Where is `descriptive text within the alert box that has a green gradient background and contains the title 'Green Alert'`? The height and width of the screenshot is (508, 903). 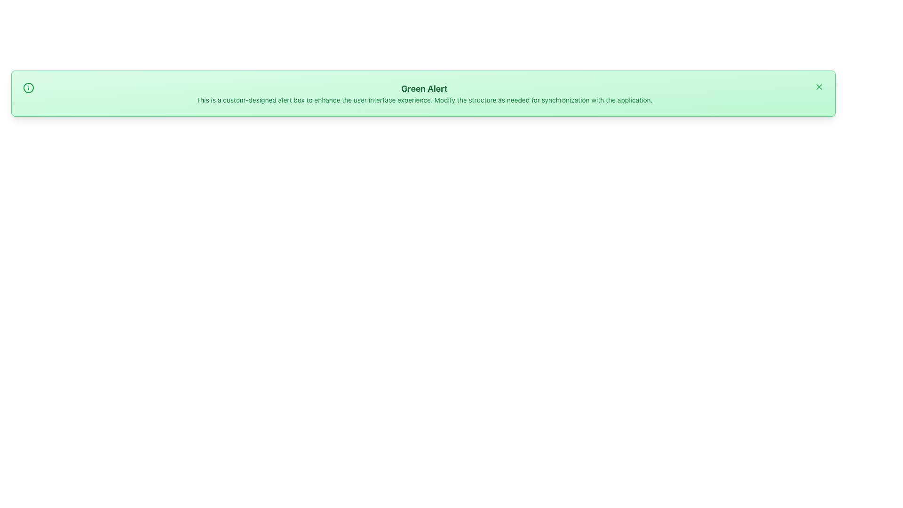
descriptive text within the alert box that has a green gradient background and contains the title 'Green Alert' is located at coordinates (424, 94).